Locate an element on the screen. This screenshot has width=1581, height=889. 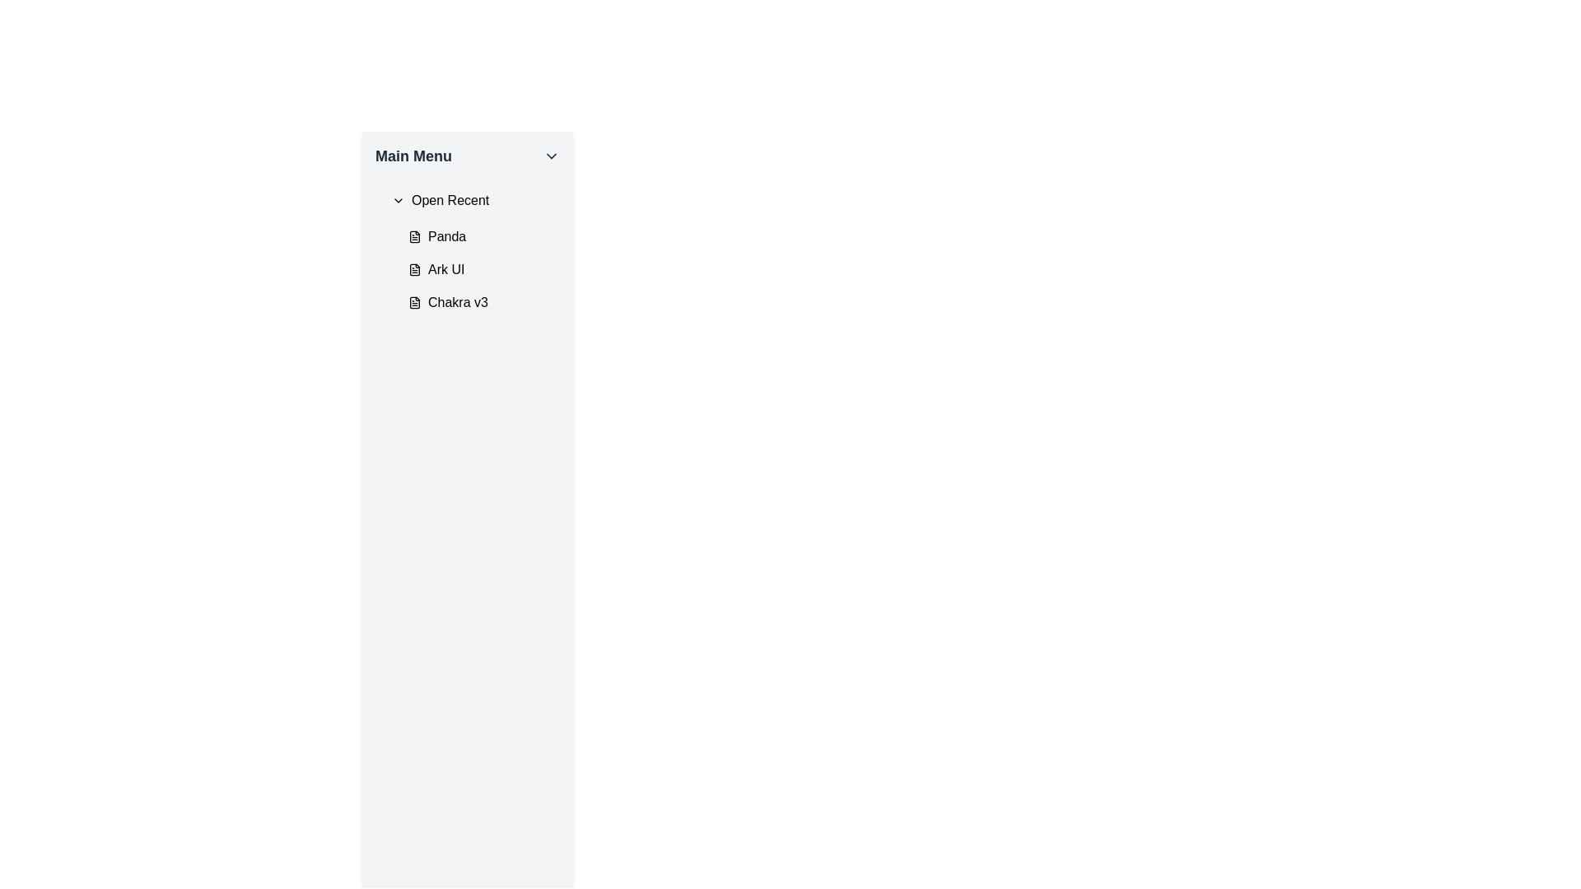
the text label containing the string 'Chakra v3' which is styled in a sans-serif font and is positioned under the 'Open Recent' submenu in the 'Main Menu' section is located at coordinates (458, 302).